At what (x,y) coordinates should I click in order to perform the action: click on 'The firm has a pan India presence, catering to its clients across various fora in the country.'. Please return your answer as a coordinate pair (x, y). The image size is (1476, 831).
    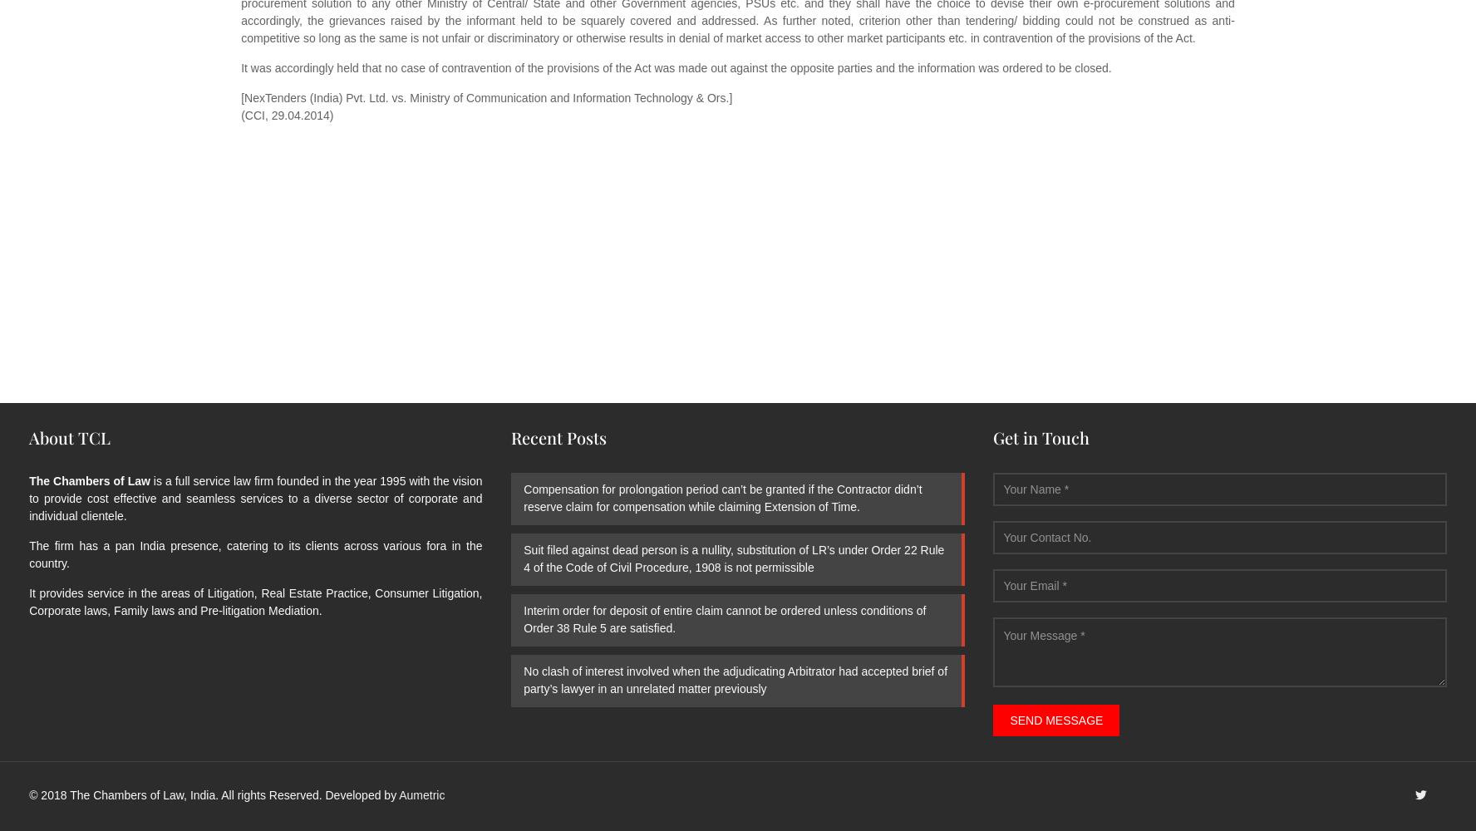
    Looking at the image, I should click on (254, 554).